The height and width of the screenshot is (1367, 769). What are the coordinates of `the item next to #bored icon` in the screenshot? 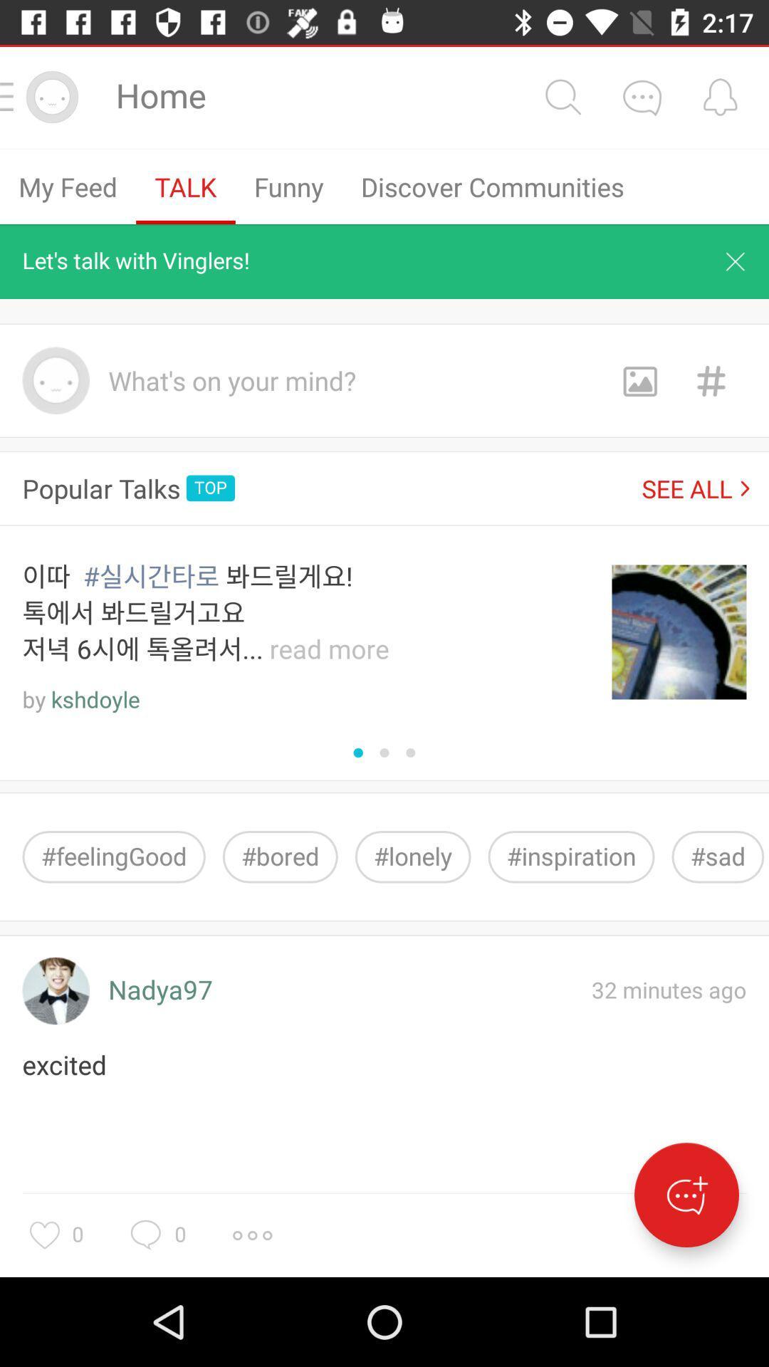 It's located at (113, 856).